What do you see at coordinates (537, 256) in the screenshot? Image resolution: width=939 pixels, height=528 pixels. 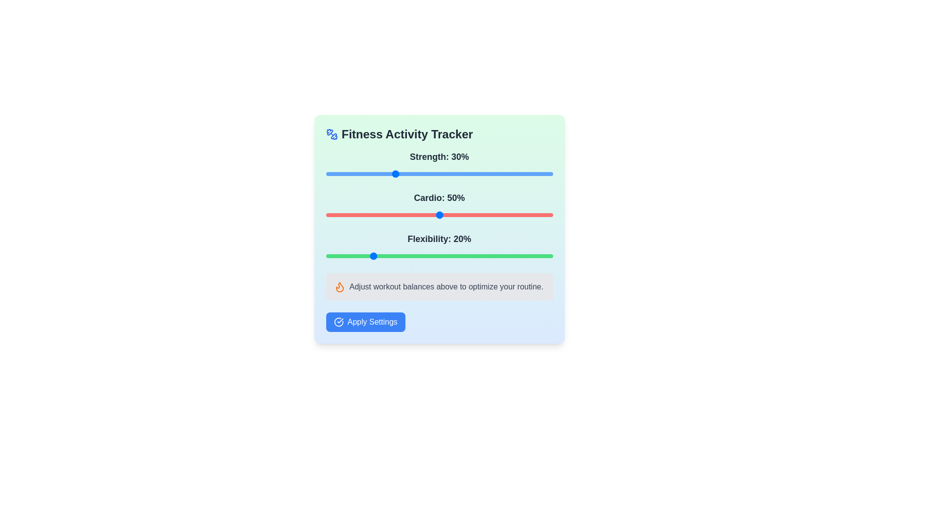 I see `the flexibility level` at bounding box center [537, 256].